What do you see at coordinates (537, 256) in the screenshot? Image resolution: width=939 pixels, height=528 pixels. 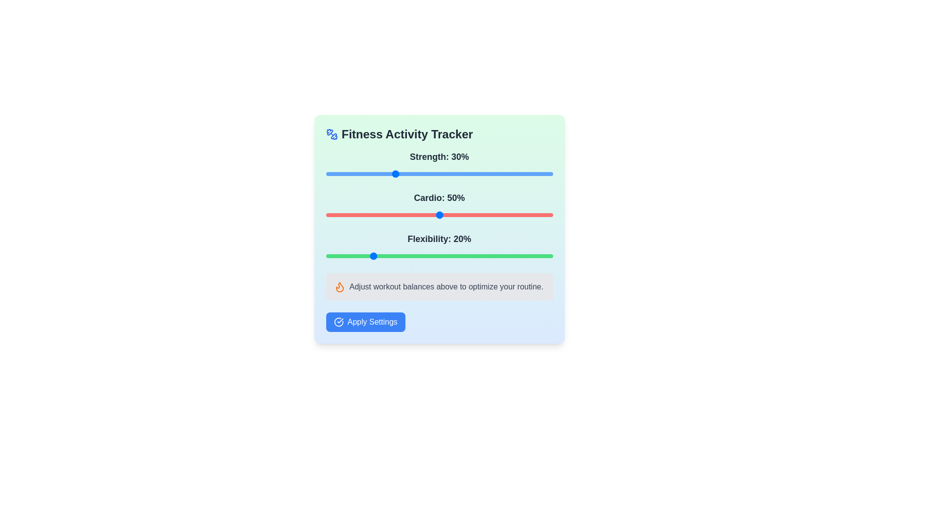 I see `the flexibility level` at bounding box center [537, 256].